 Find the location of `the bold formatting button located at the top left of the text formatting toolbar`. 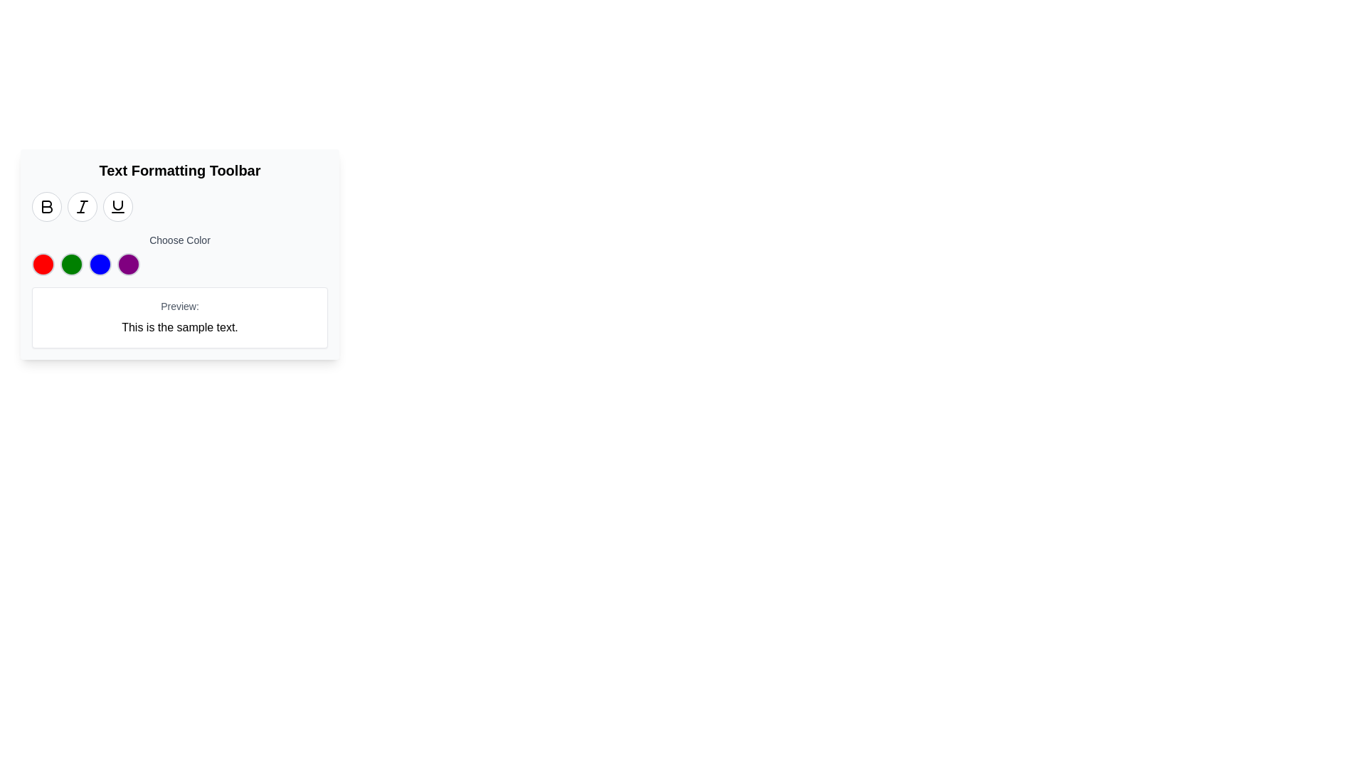

the bold formatting button located at the top left of the text formatting toolbar is located at coordinates (47, 206).